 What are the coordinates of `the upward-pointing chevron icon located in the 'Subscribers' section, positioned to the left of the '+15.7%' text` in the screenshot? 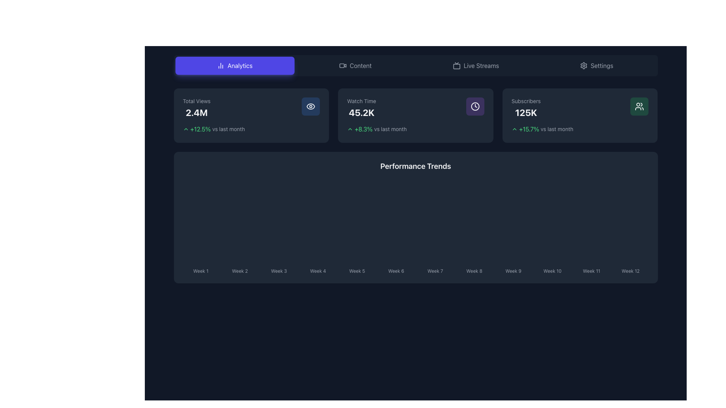 It's located at (514, 129).